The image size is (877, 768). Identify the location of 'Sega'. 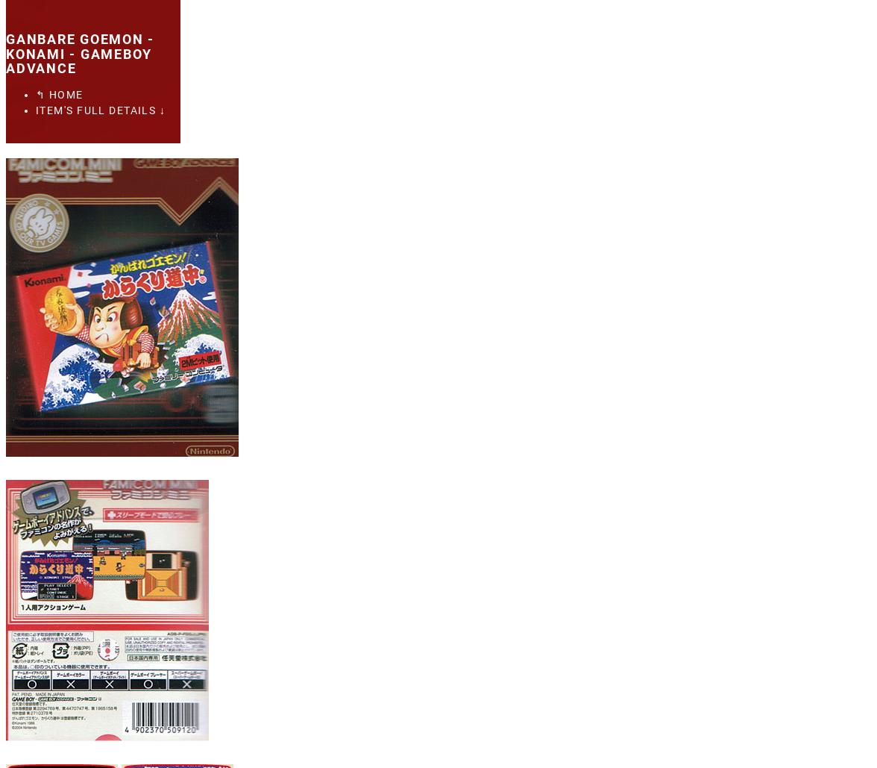
(69, 13).